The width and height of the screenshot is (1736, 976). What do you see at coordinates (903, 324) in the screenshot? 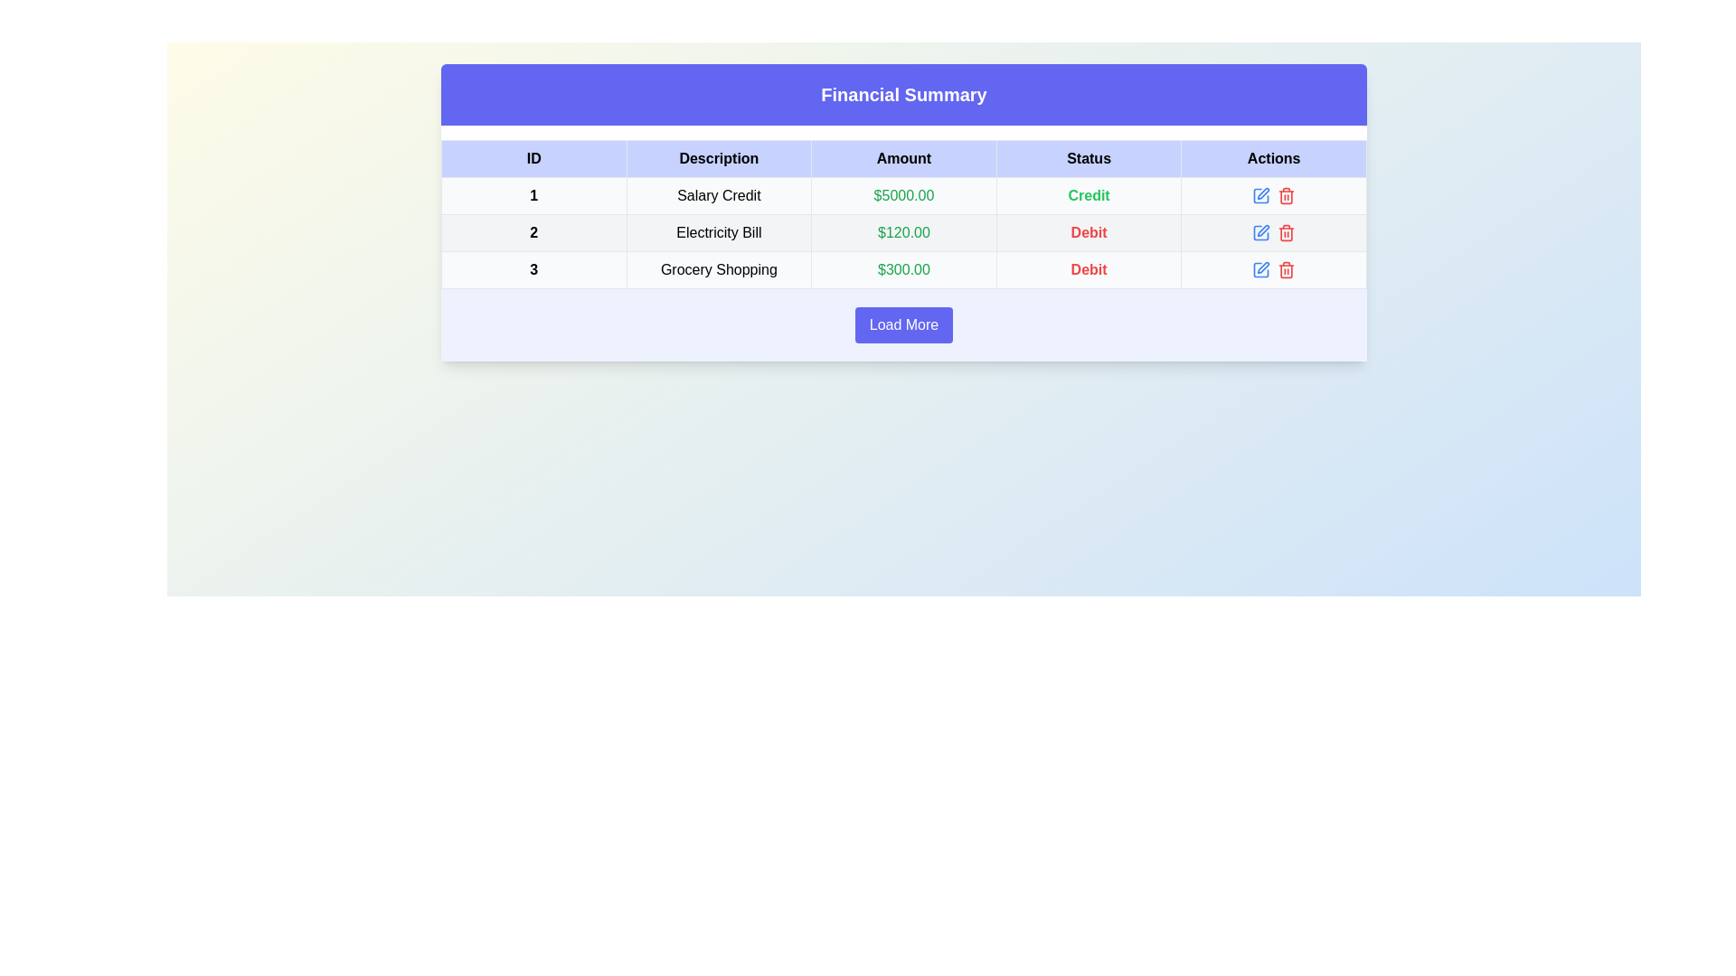
I see `the button located near the bottom-center of the 'Financial Summary' table to load more content` at bounding box center [903, 324].